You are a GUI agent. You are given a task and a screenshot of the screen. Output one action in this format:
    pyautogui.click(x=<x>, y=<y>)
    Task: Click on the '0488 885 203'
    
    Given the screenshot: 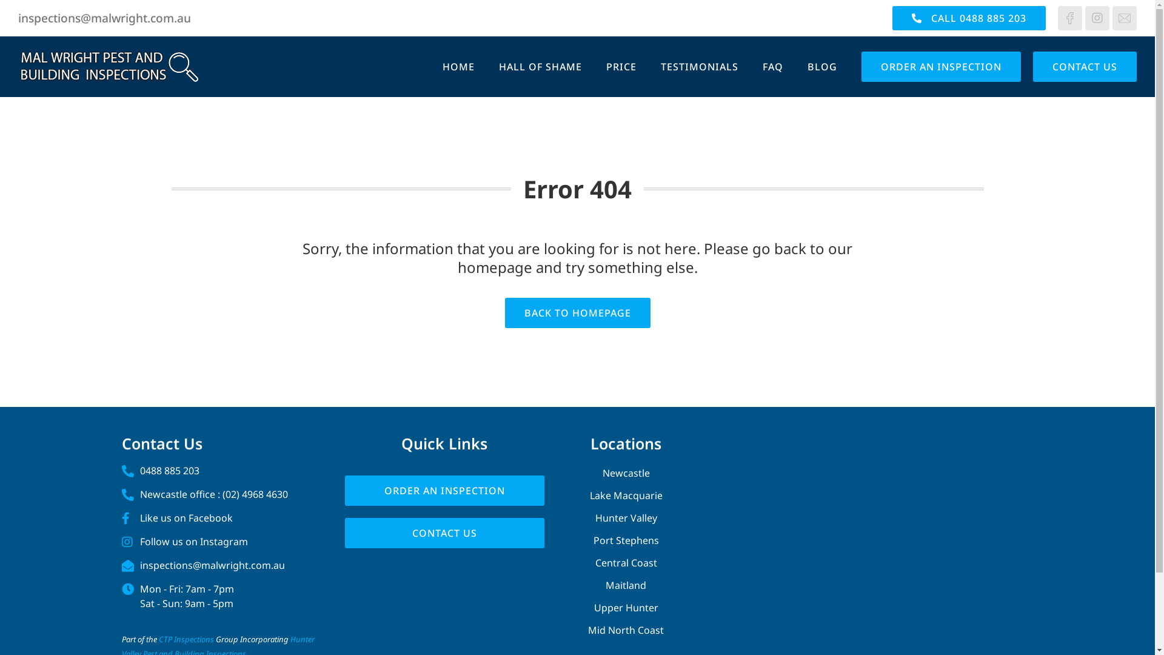 What is the action you would take?
    pyautogui.click(x=121, y=469)
    